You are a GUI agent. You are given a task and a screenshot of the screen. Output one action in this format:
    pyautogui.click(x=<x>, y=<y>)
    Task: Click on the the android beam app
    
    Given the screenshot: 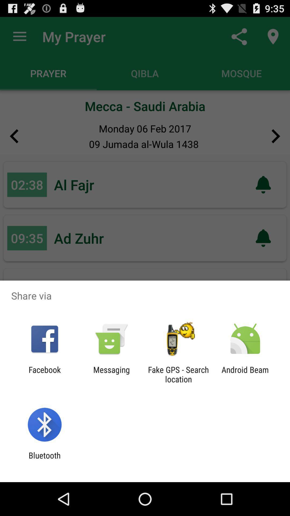 What is the action you would take?
    pyautogui.click(x=245, y=374)
    